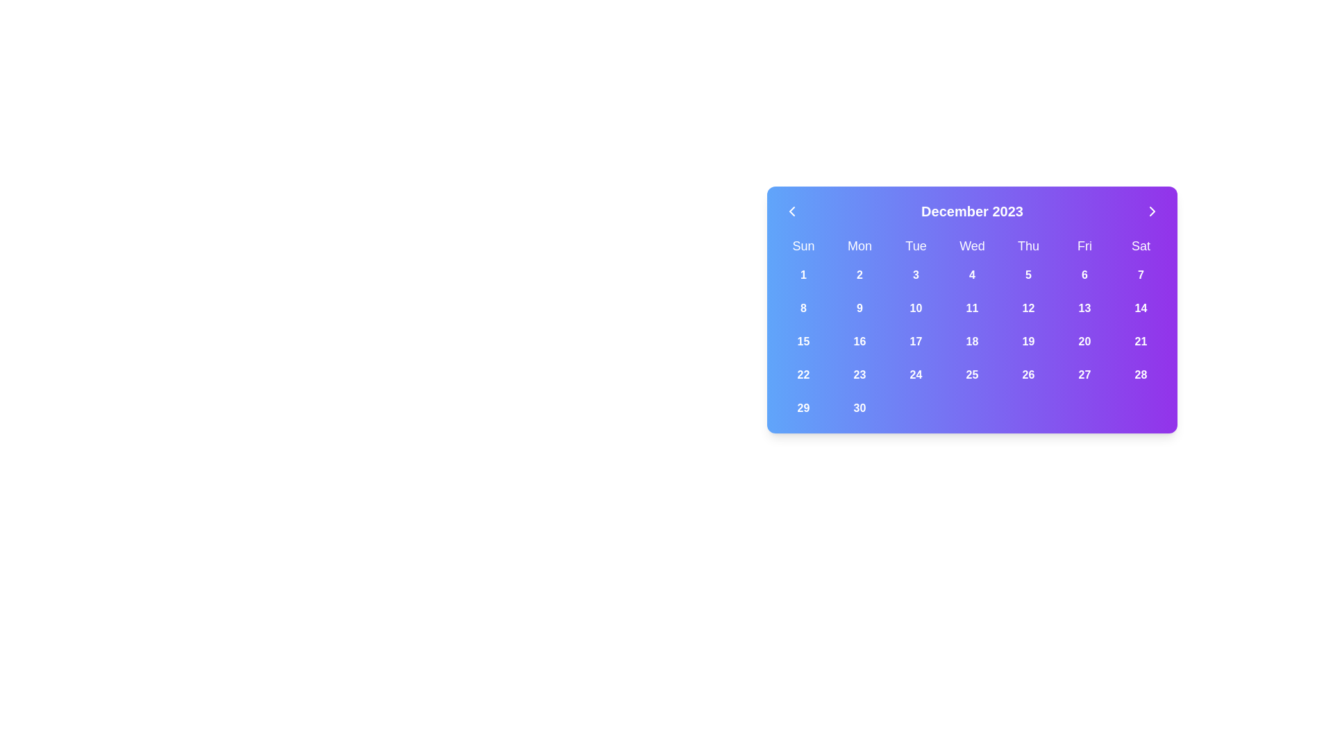 Image resolution: width=1333 pixels, height=749 pixels. What do you see at coordinates (792, 211) in the screenshot?
I see `the circular button containing the left-pointing chevron icon located at the top-left corner of the calendar widget` at bounding box center [792, 211].